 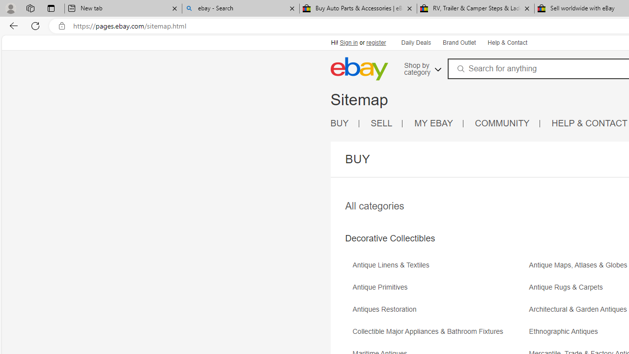 I want to click on 'View site information', so click(x=61, y=26).